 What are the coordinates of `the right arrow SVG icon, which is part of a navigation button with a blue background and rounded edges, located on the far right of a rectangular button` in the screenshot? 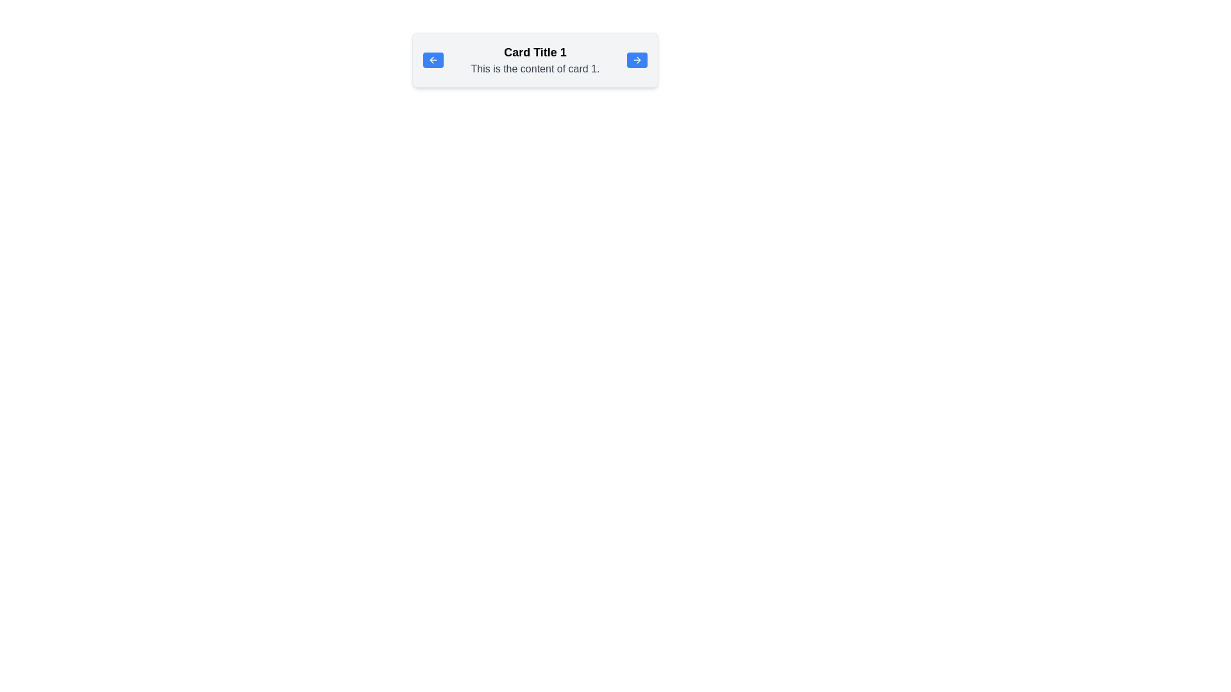 It's located at (637, 60).